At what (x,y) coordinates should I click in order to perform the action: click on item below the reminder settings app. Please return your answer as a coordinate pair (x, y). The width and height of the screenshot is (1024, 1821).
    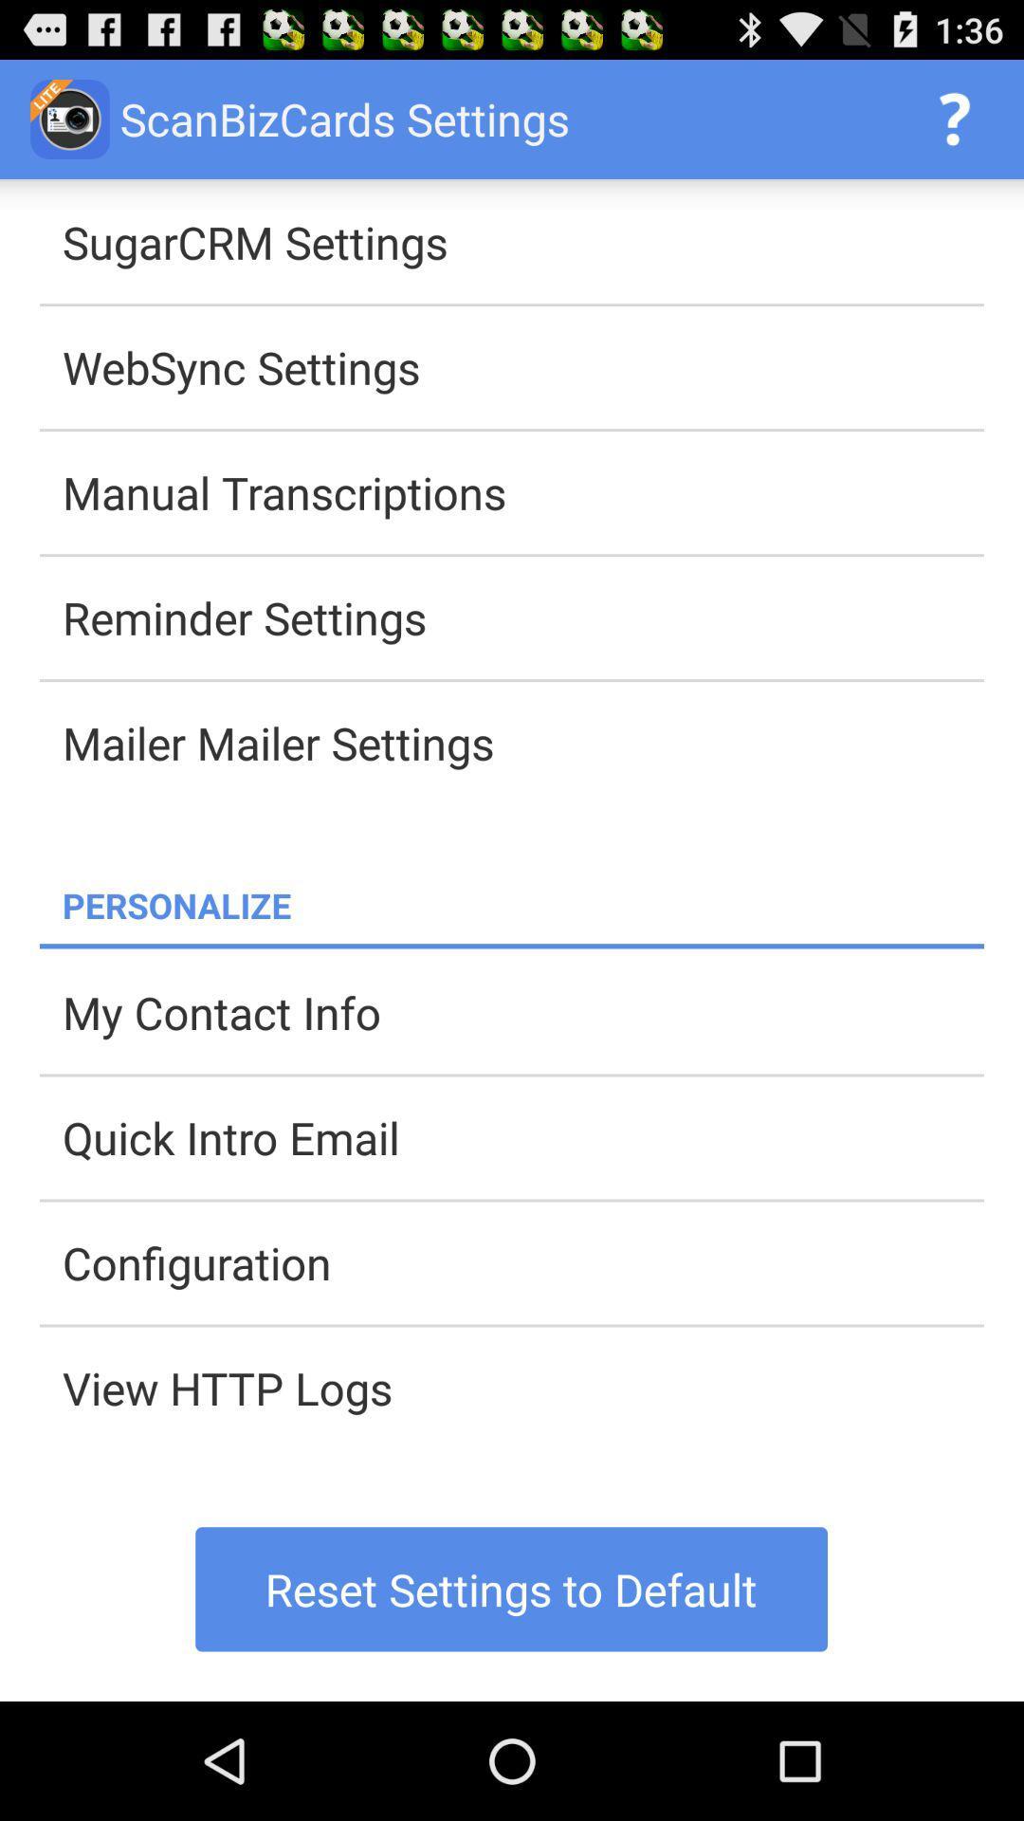
    Looking at the image, I should click on (522, 742).